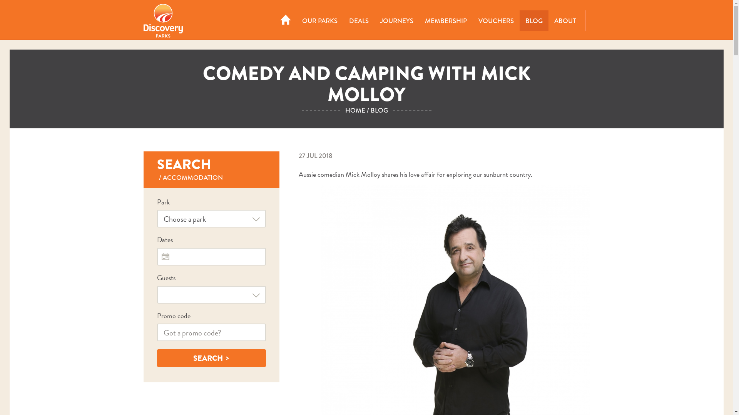  What do you see at coordinates (354, 110) in the screenshot?
I see `'HOME'` at bounding box center [354, 110].